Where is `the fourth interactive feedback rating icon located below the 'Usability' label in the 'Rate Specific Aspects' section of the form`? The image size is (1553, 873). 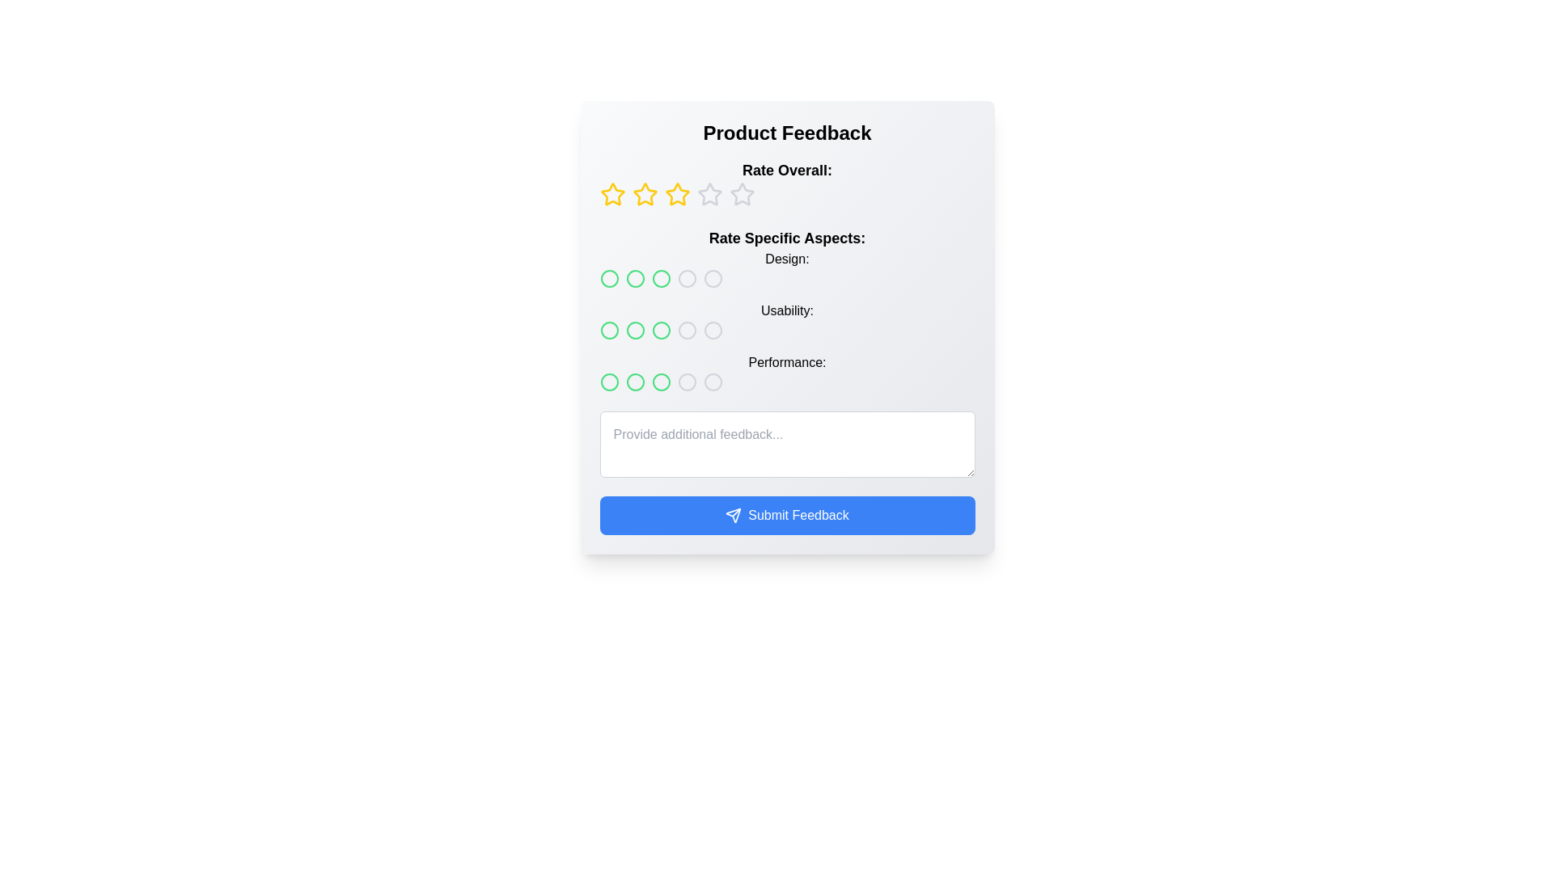
the fourth interactive feedback rating icon located below the 'Usability' label in the 'Rate Specific Aspects' section of the form is located at coordinates (687, 329).